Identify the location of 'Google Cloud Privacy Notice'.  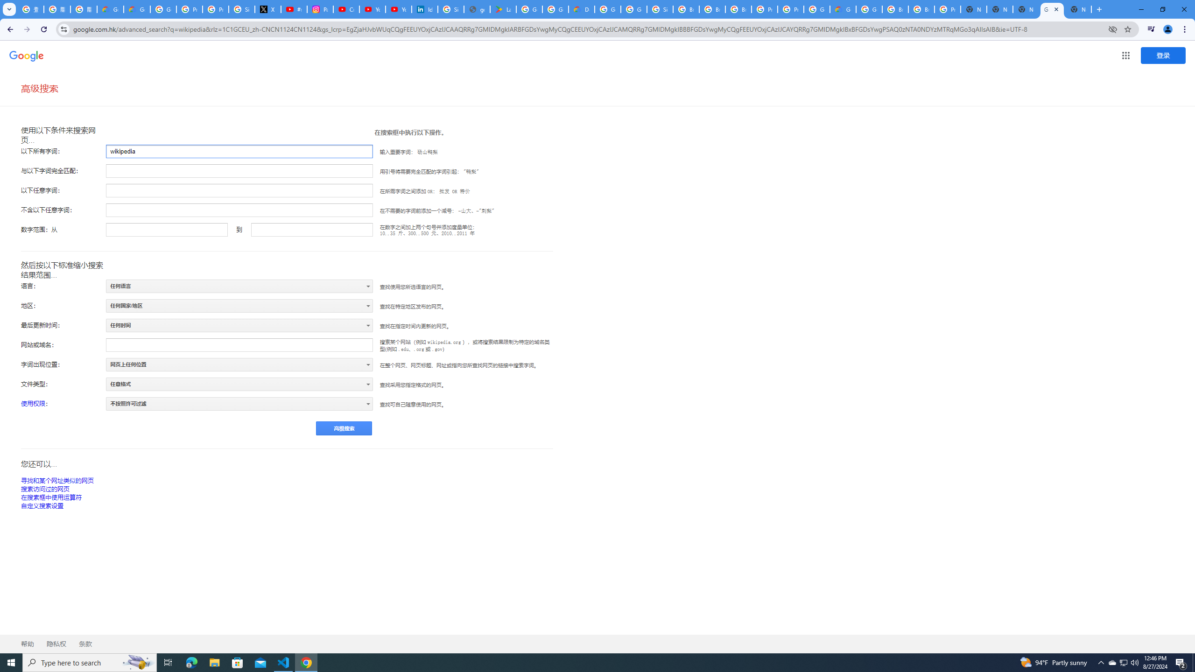
(137, 9).